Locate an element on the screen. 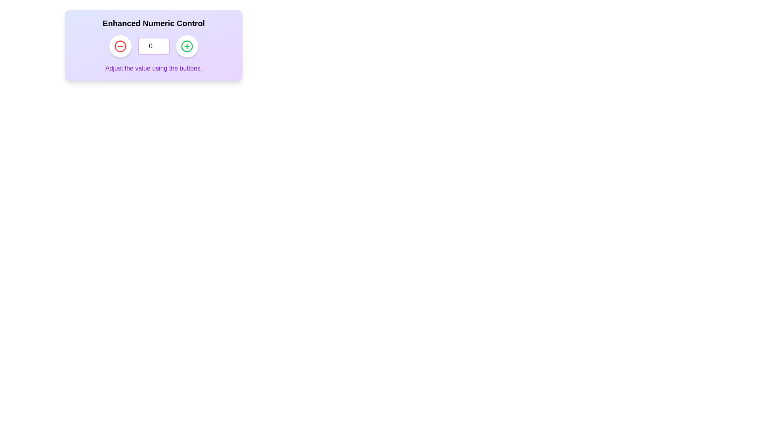 Image resolution: width=761 pixels, height=428 pixels. the numeric input box of the 'Enhanced Numeric Control' interface to edit the number is located at coordinates (154, 46).